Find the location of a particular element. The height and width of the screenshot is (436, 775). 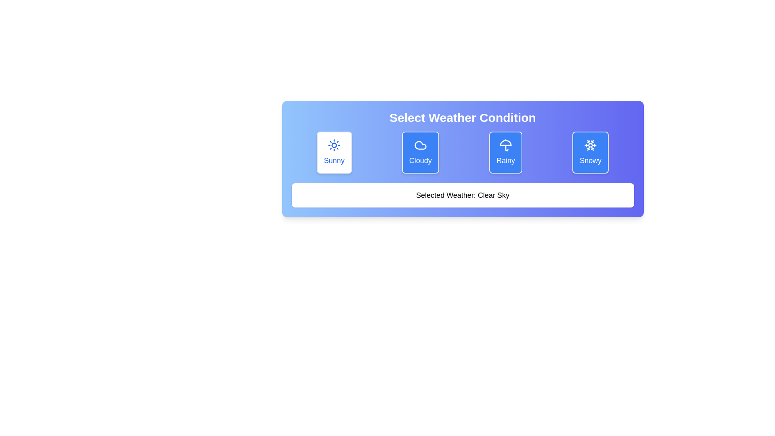

the decorative component of the 'Snowy' icon, which is the fourth weather option in the 'Select Weather Condition' card is located at coordinates (593, 143).